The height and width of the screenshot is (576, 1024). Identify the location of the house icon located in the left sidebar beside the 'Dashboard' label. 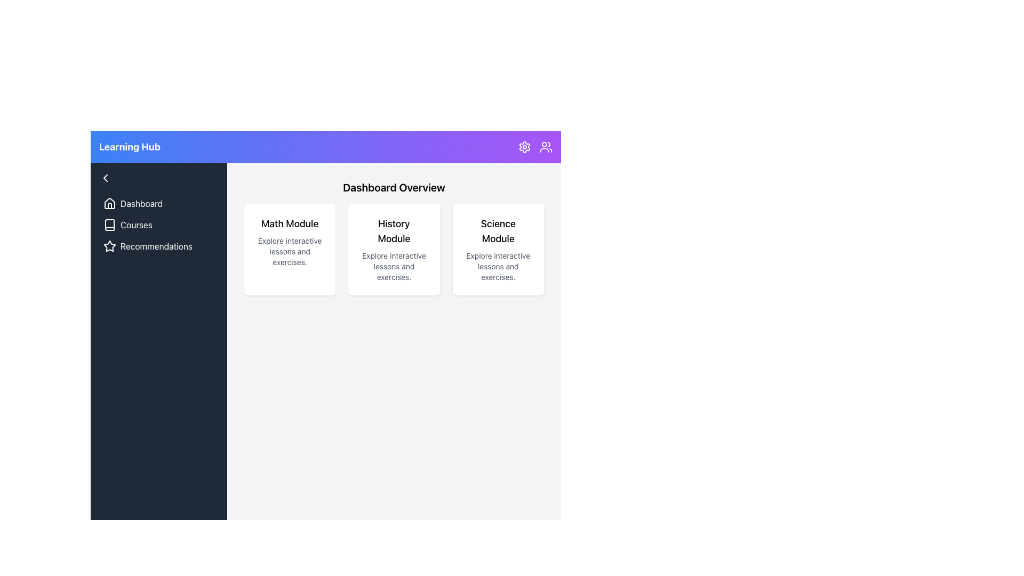
(110, 203).